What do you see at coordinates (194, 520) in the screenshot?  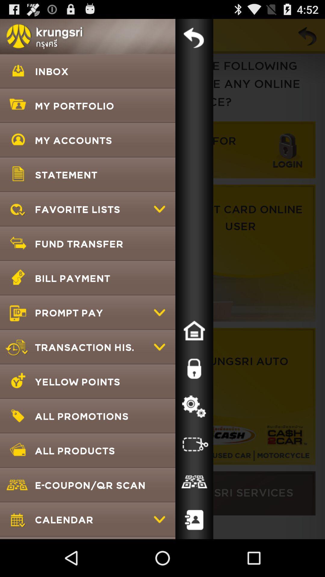 I see `click on contact` at bounding box center [194, 520].